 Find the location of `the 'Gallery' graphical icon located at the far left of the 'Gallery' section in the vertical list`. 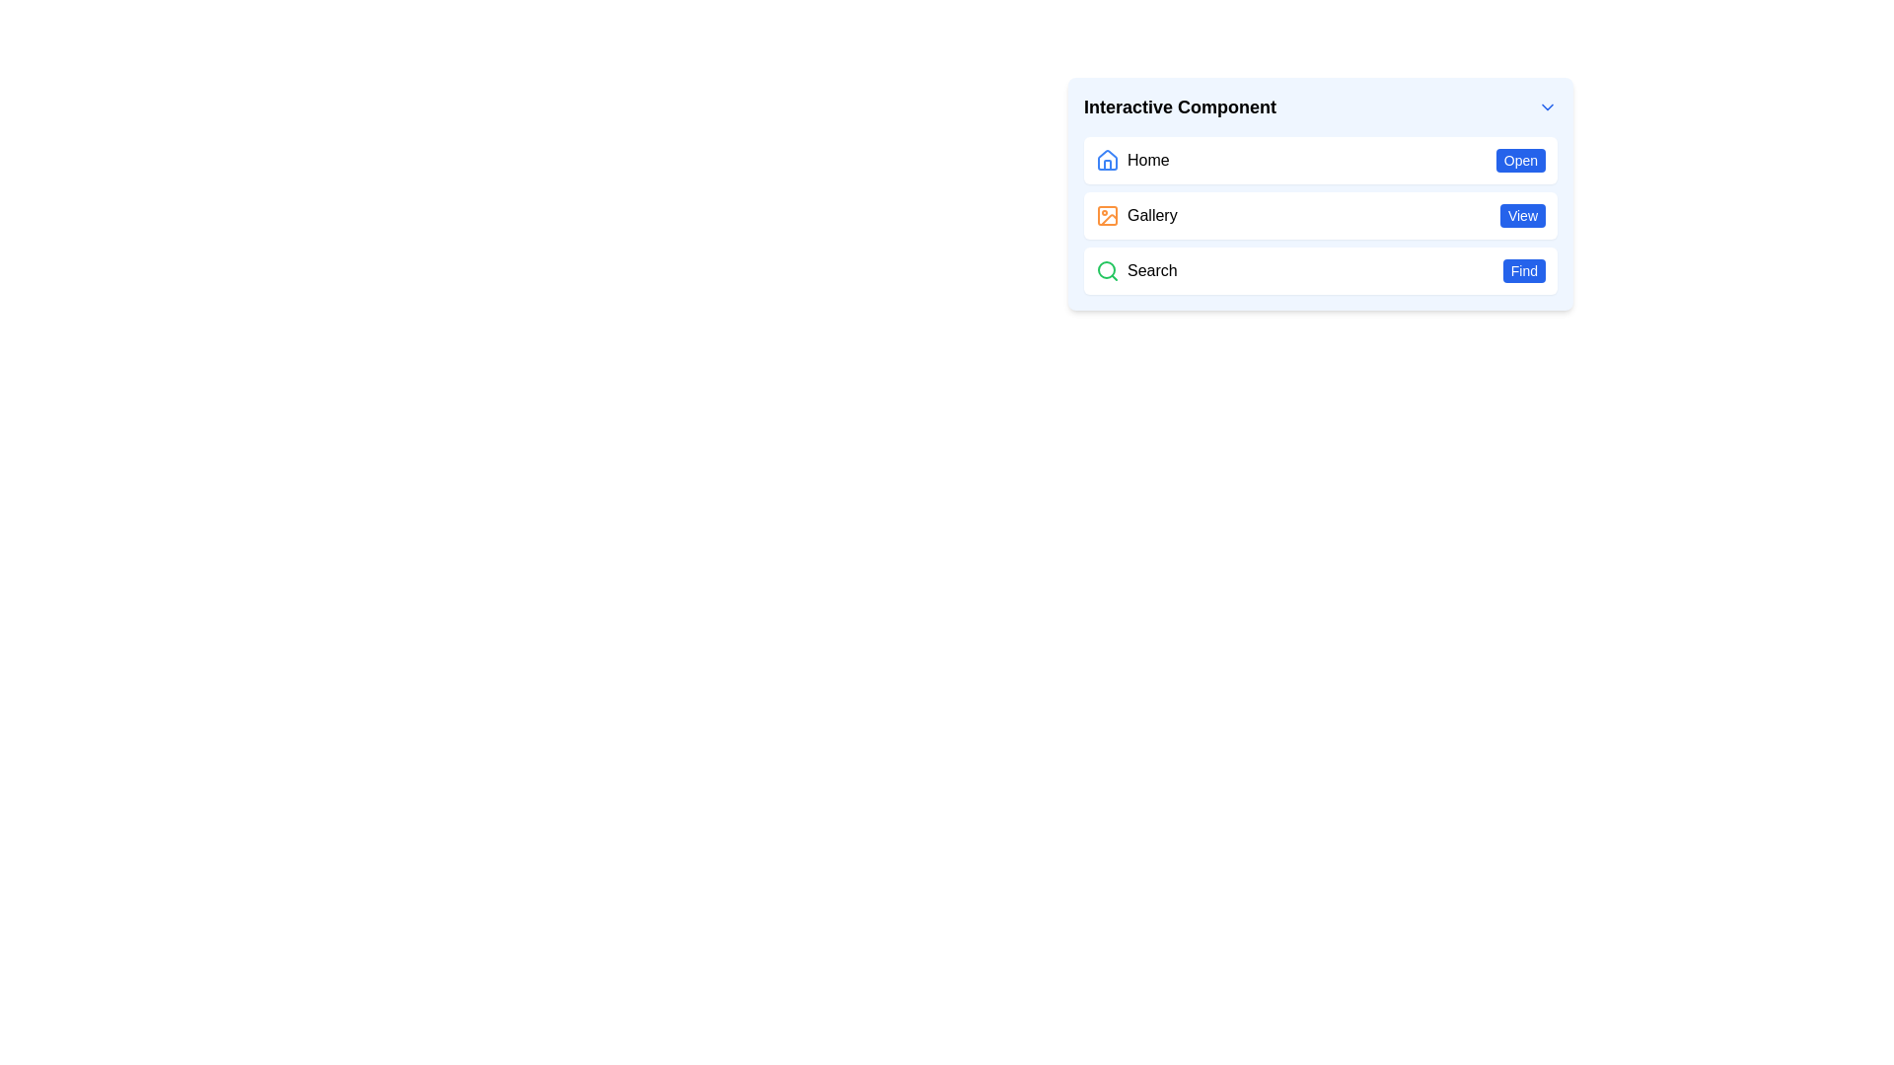

the 'Gallery' graphical icon located at the far left of the 'Gallery' section in the vertical list is located at coordinates (1108, 216).